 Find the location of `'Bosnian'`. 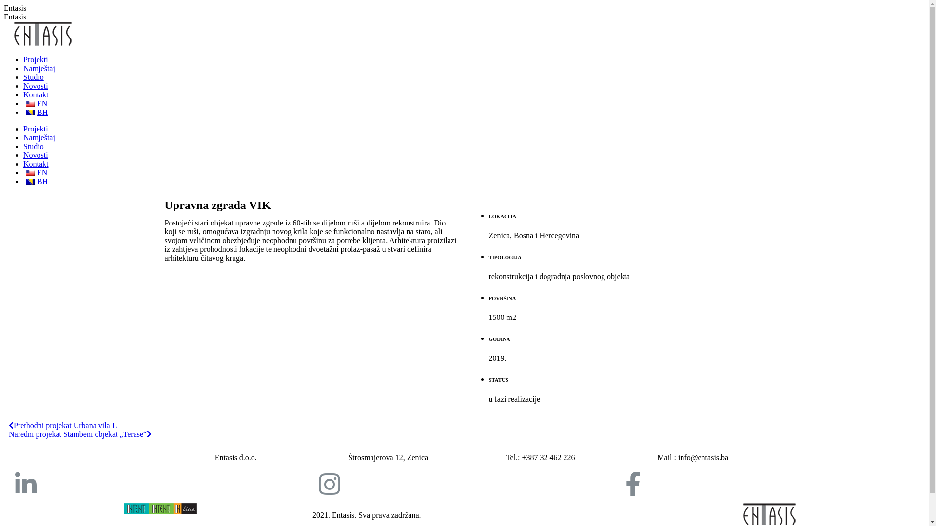

'Bosnian' is located at coordinates (25, 112).